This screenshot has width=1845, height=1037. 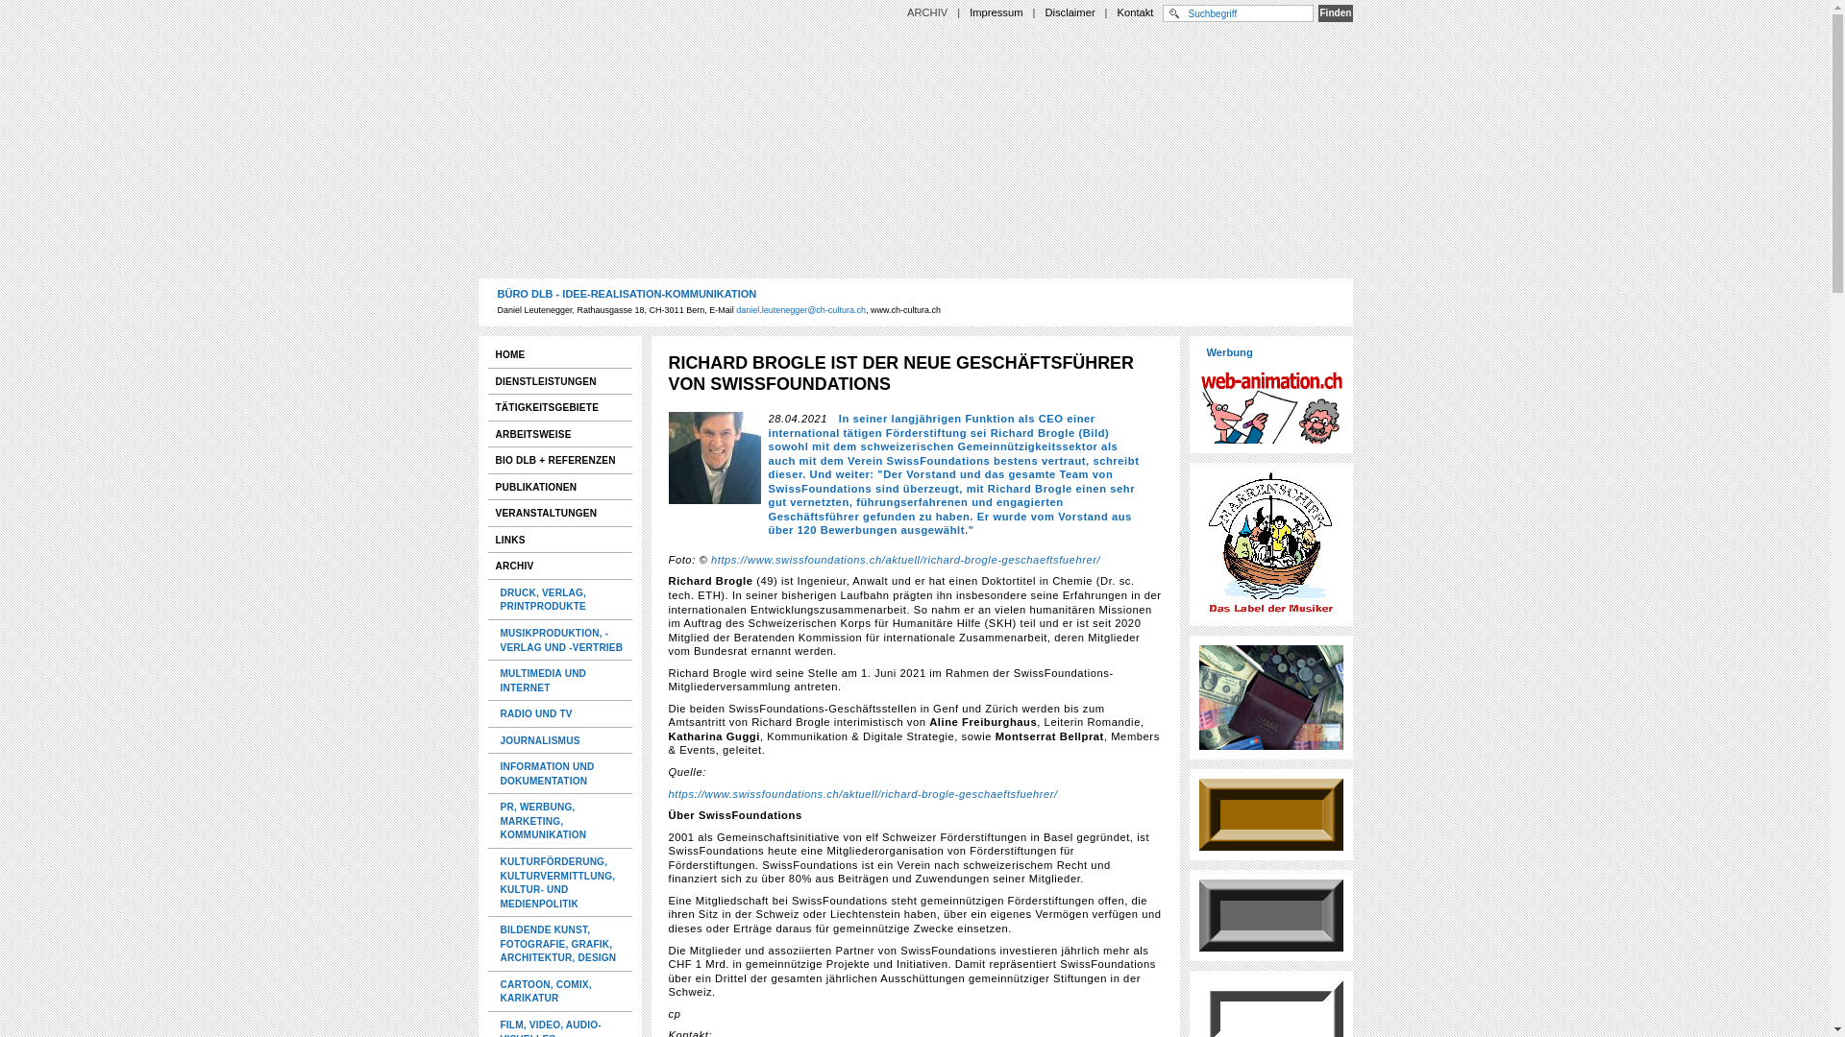 What do you see at coordinates (492, 639) in the screenshot?
I see `'MUSIKPRODUKTION, -VERLAG UND -VERTRIEB'` at bounding box center [492, 639].